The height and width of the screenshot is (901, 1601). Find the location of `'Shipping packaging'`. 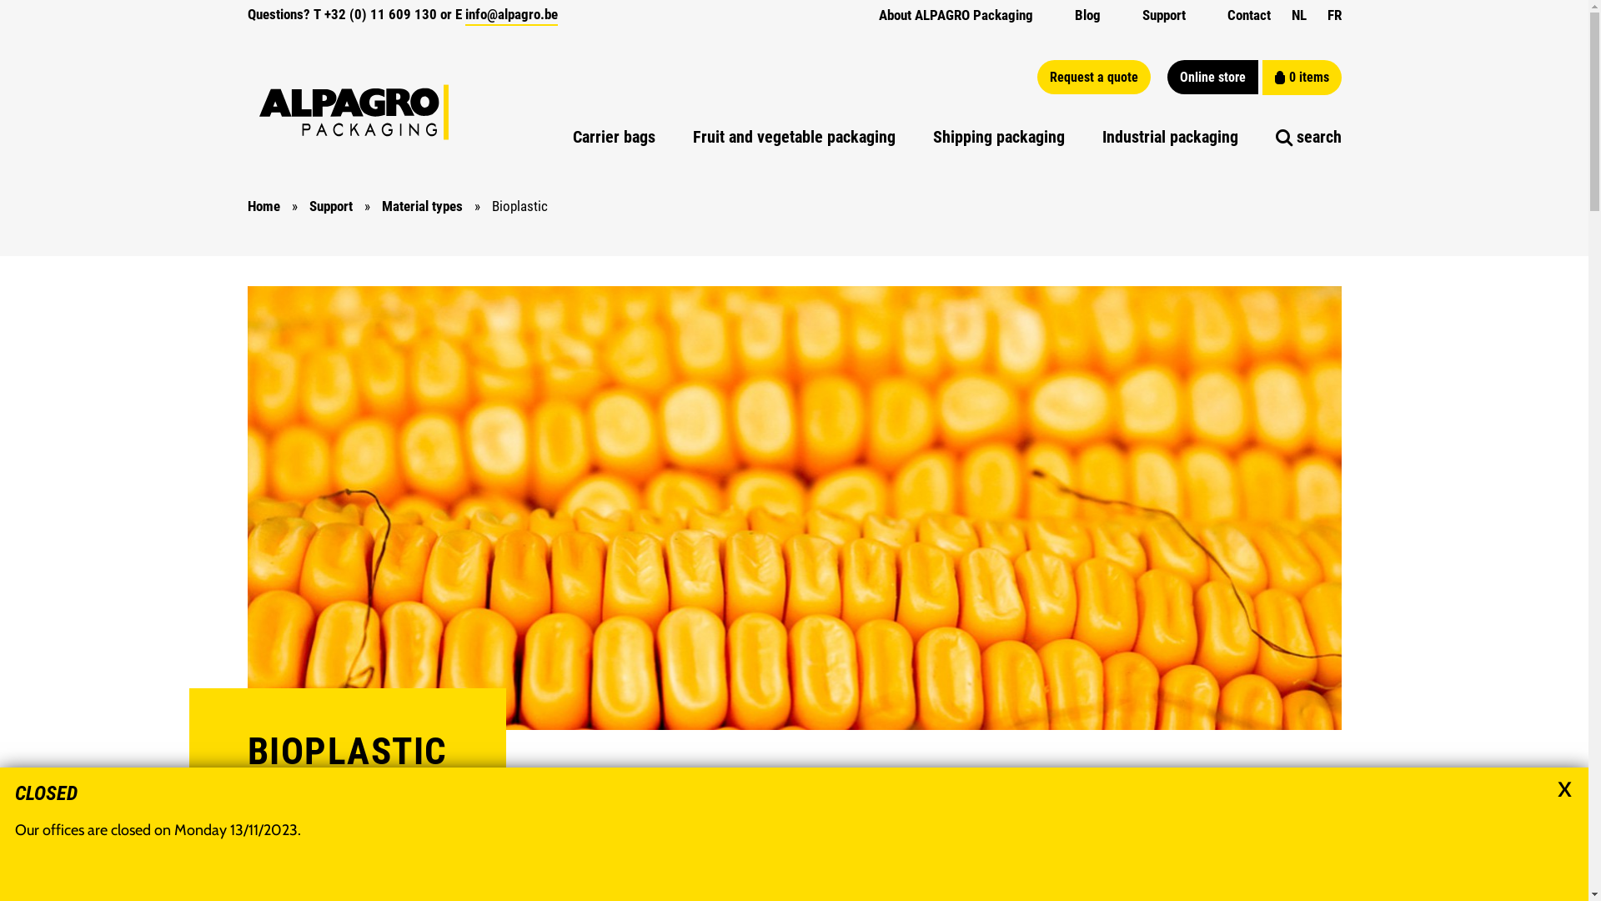

'Shipping packaging' is located at coordinates (931, 136).